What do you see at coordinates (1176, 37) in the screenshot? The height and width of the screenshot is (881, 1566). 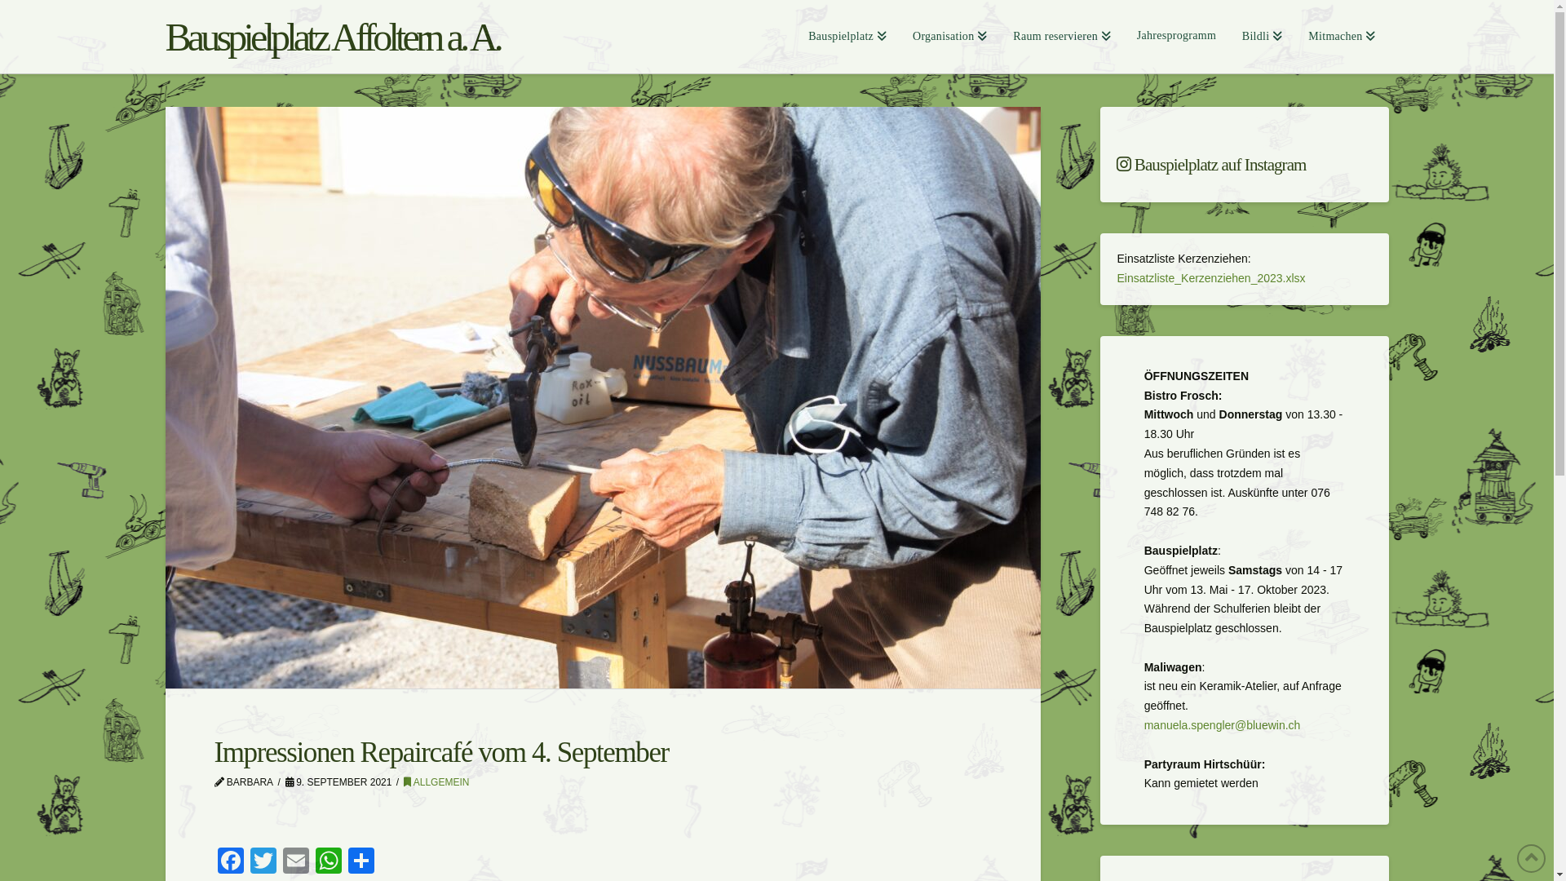 I see `'Jahresprogramm'` at bounding box center [1176, 37].